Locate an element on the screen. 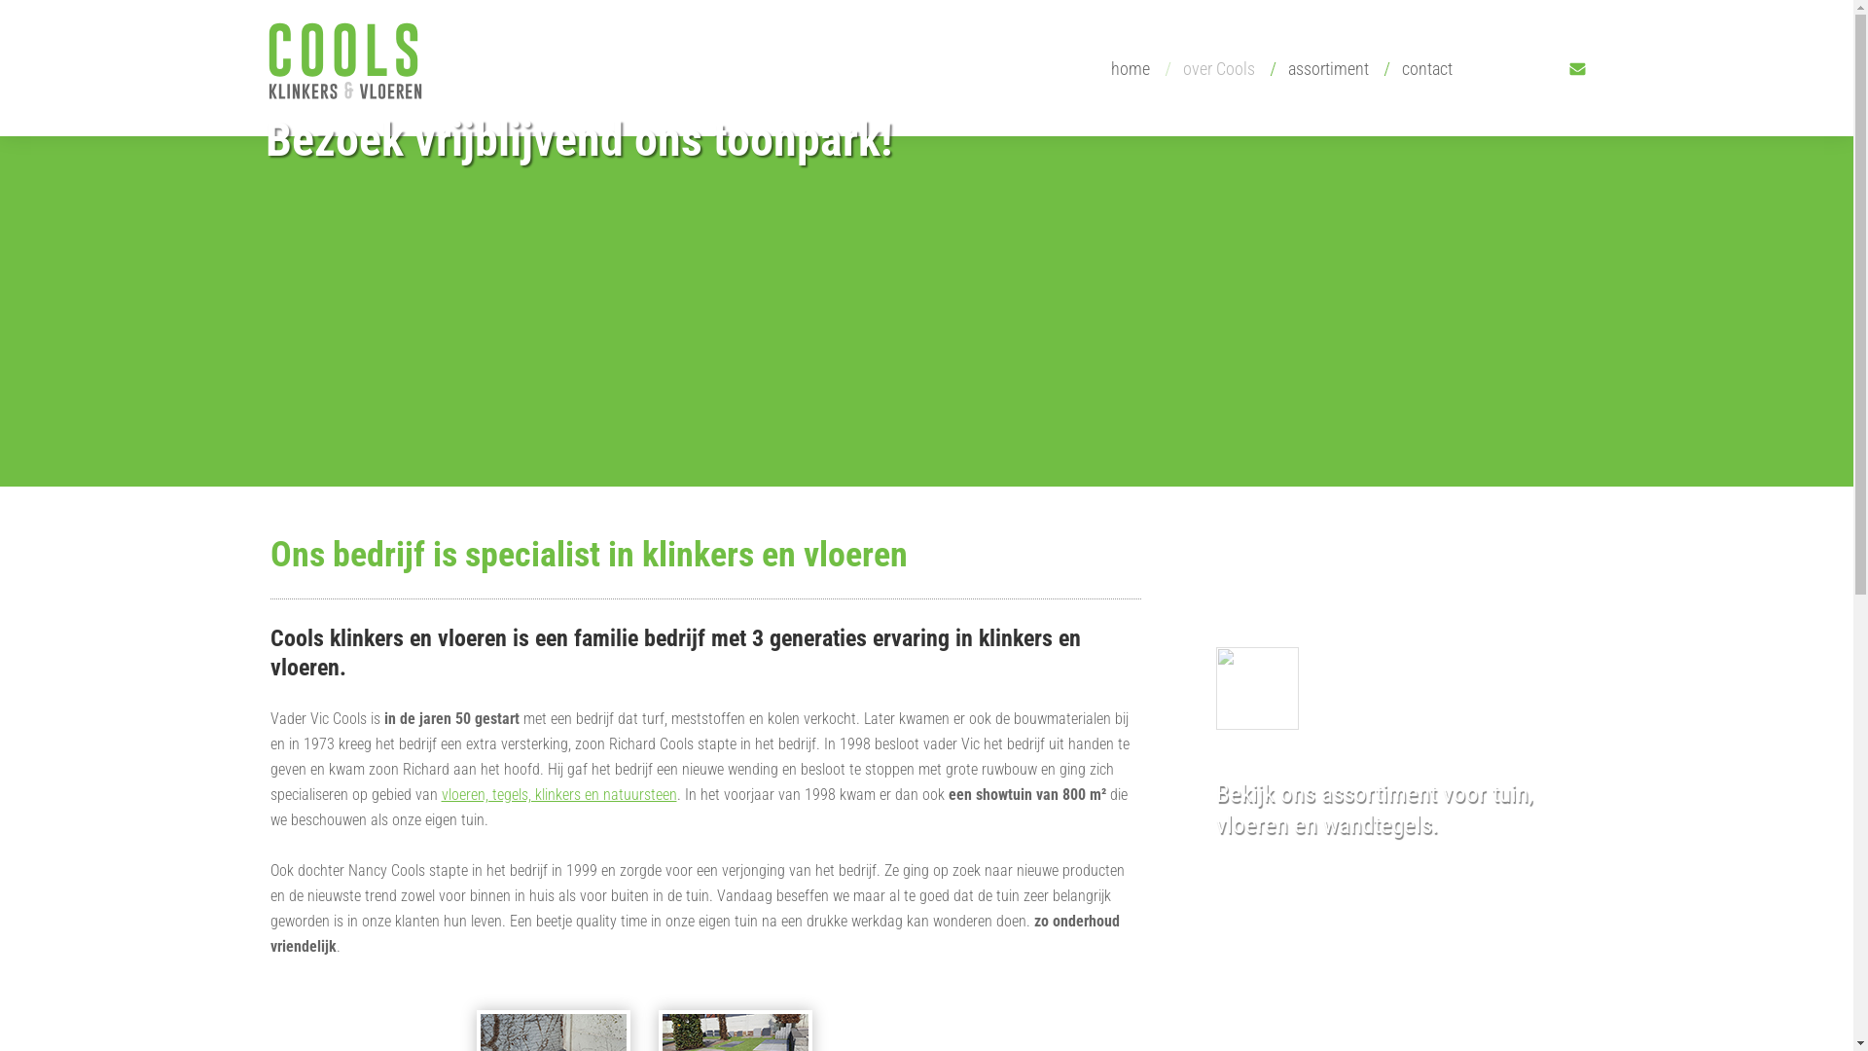  'vloeren, tegels, klinkers en natuursteen' is located at coordinates (558, 794).